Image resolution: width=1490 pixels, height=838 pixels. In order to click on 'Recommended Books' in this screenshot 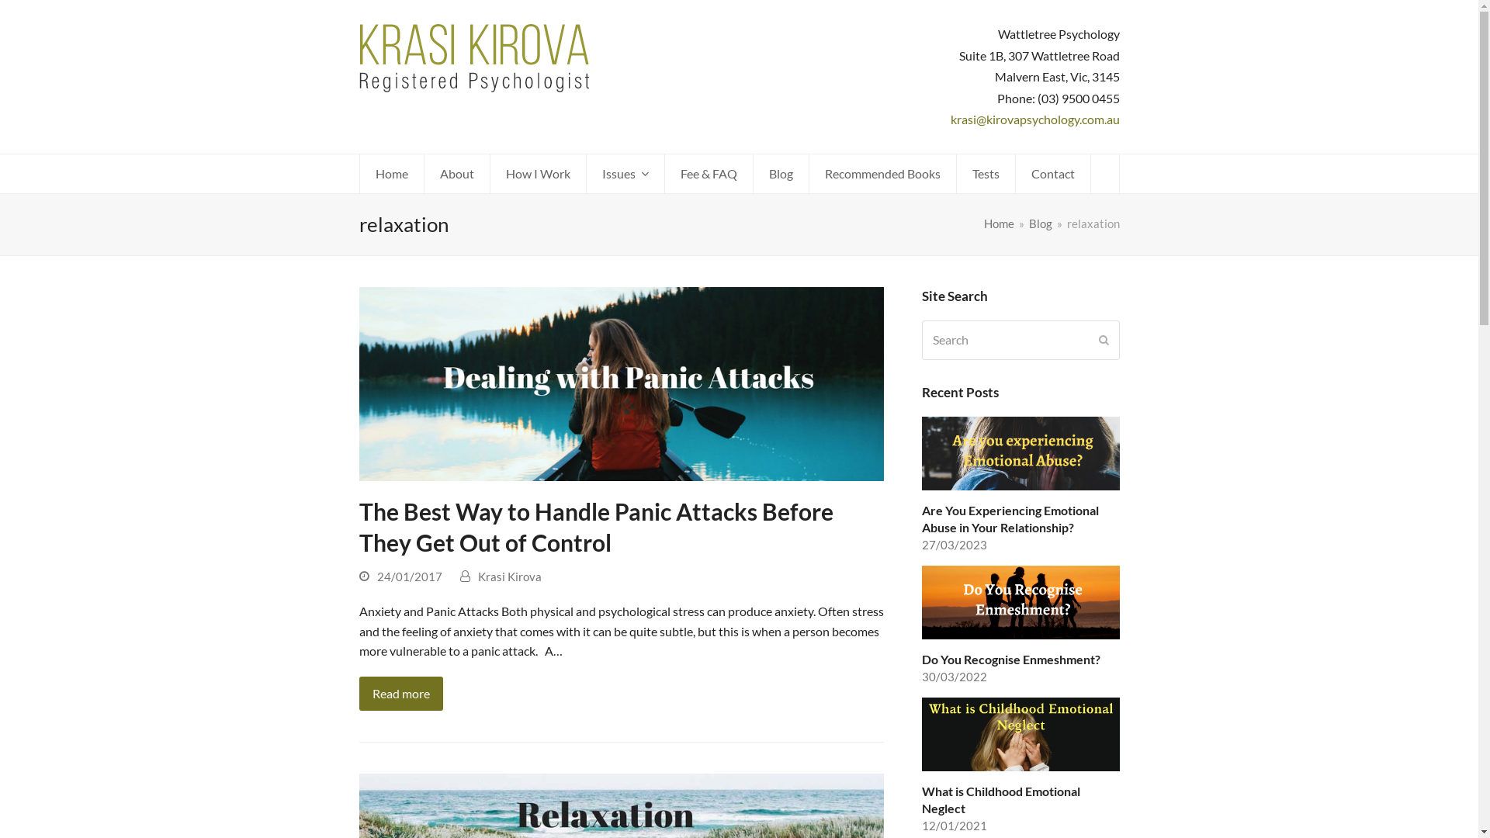, I will do `click(882, 173)`.